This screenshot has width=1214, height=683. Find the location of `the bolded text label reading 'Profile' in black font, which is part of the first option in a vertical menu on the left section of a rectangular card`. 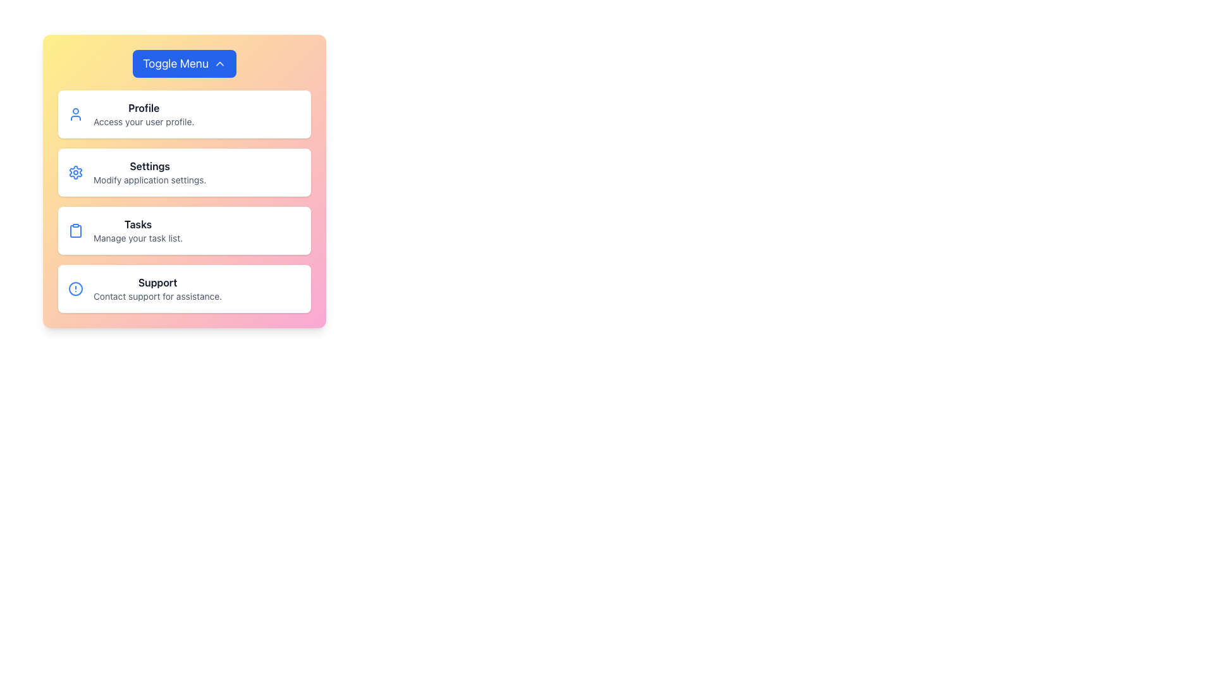

the bolded text label reading 'Profile' in black font, which is part of the first option in a vertical menu on the left section of a rectangular card is located at coordinates (144, 107).